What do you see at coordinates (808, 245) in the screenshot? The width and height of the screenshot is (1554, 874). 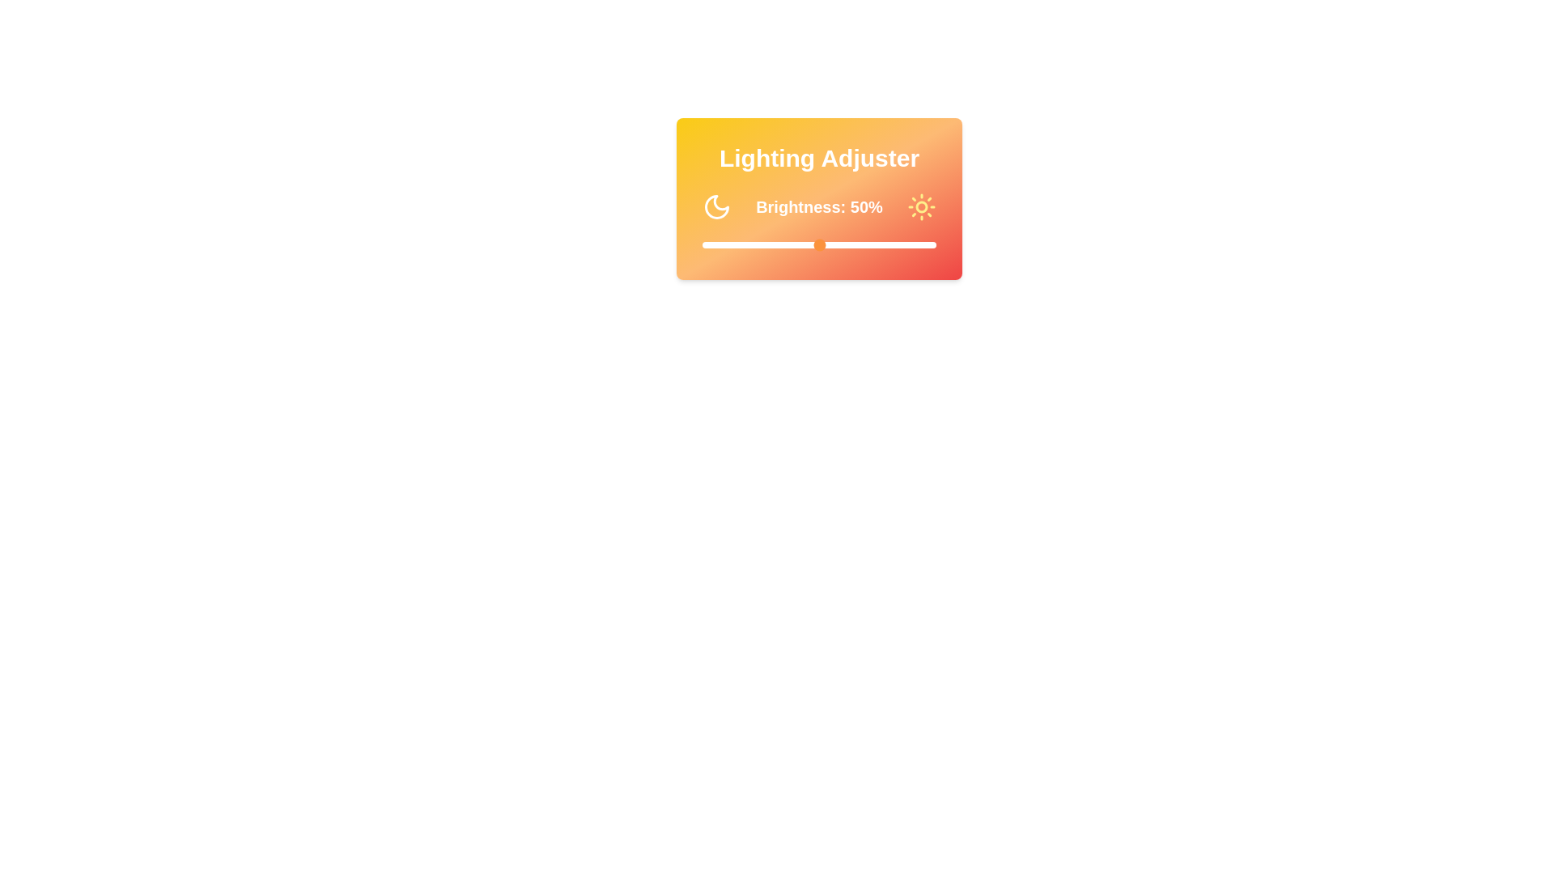 I see `the brightness slider to 45%` at bounding box center [808, 245].